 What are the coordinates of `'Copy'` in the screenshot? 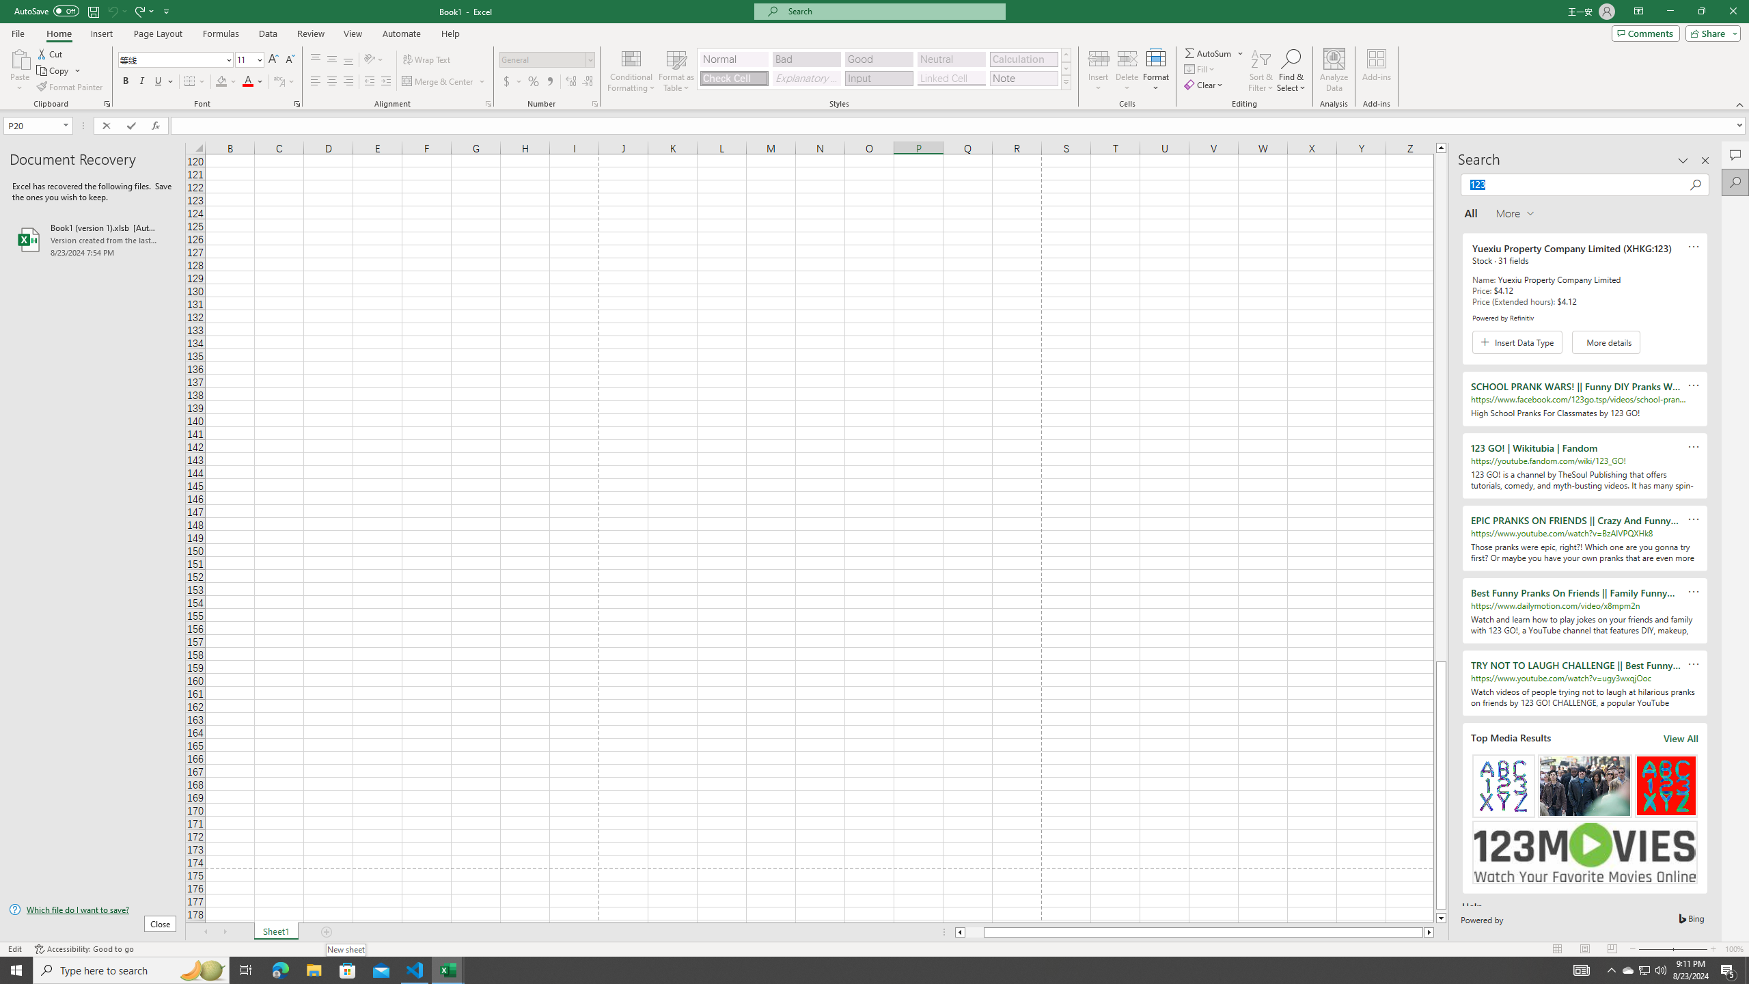 It's located at (53, 70).